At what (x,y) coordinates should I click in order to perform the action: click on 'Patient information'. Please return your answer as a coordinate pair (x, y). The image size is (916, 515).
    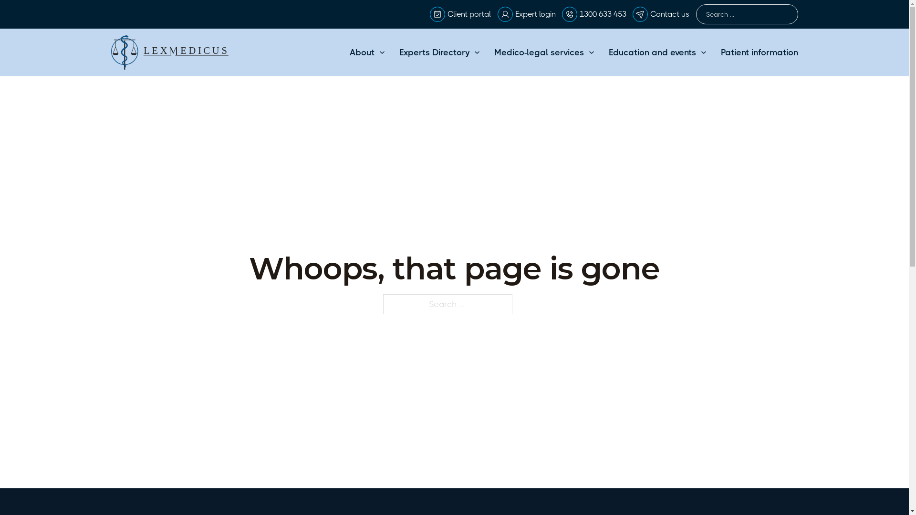
    Looking at the image, I should click on (758, 52).